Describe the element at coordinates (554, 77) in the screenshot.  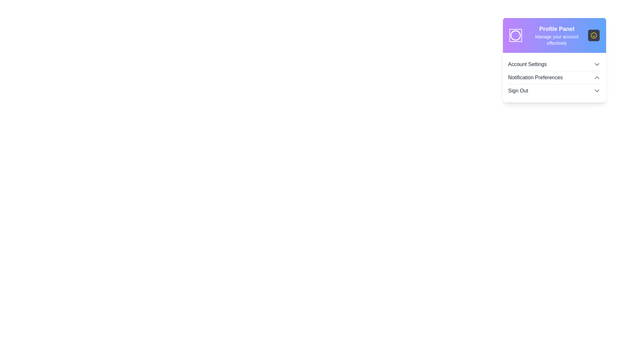
I see `the 'Notification Preferences' interactive list item` at that location.